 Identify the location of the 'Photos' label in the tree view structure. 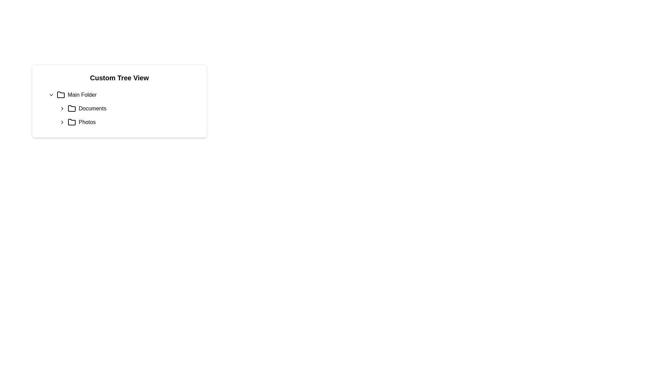
(87, 122).